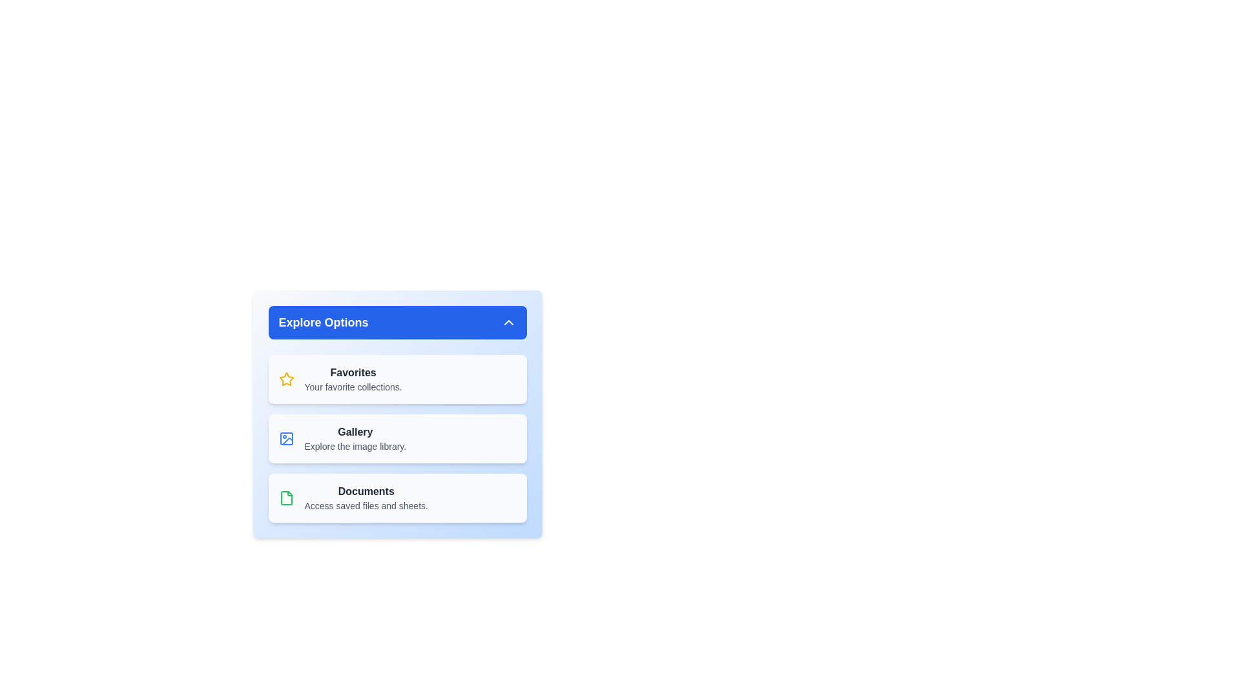  I want to click on the third list item labeled 'Documents' in the 'Explore Options' section to activate for accessibility navigation, so click(366, 497).